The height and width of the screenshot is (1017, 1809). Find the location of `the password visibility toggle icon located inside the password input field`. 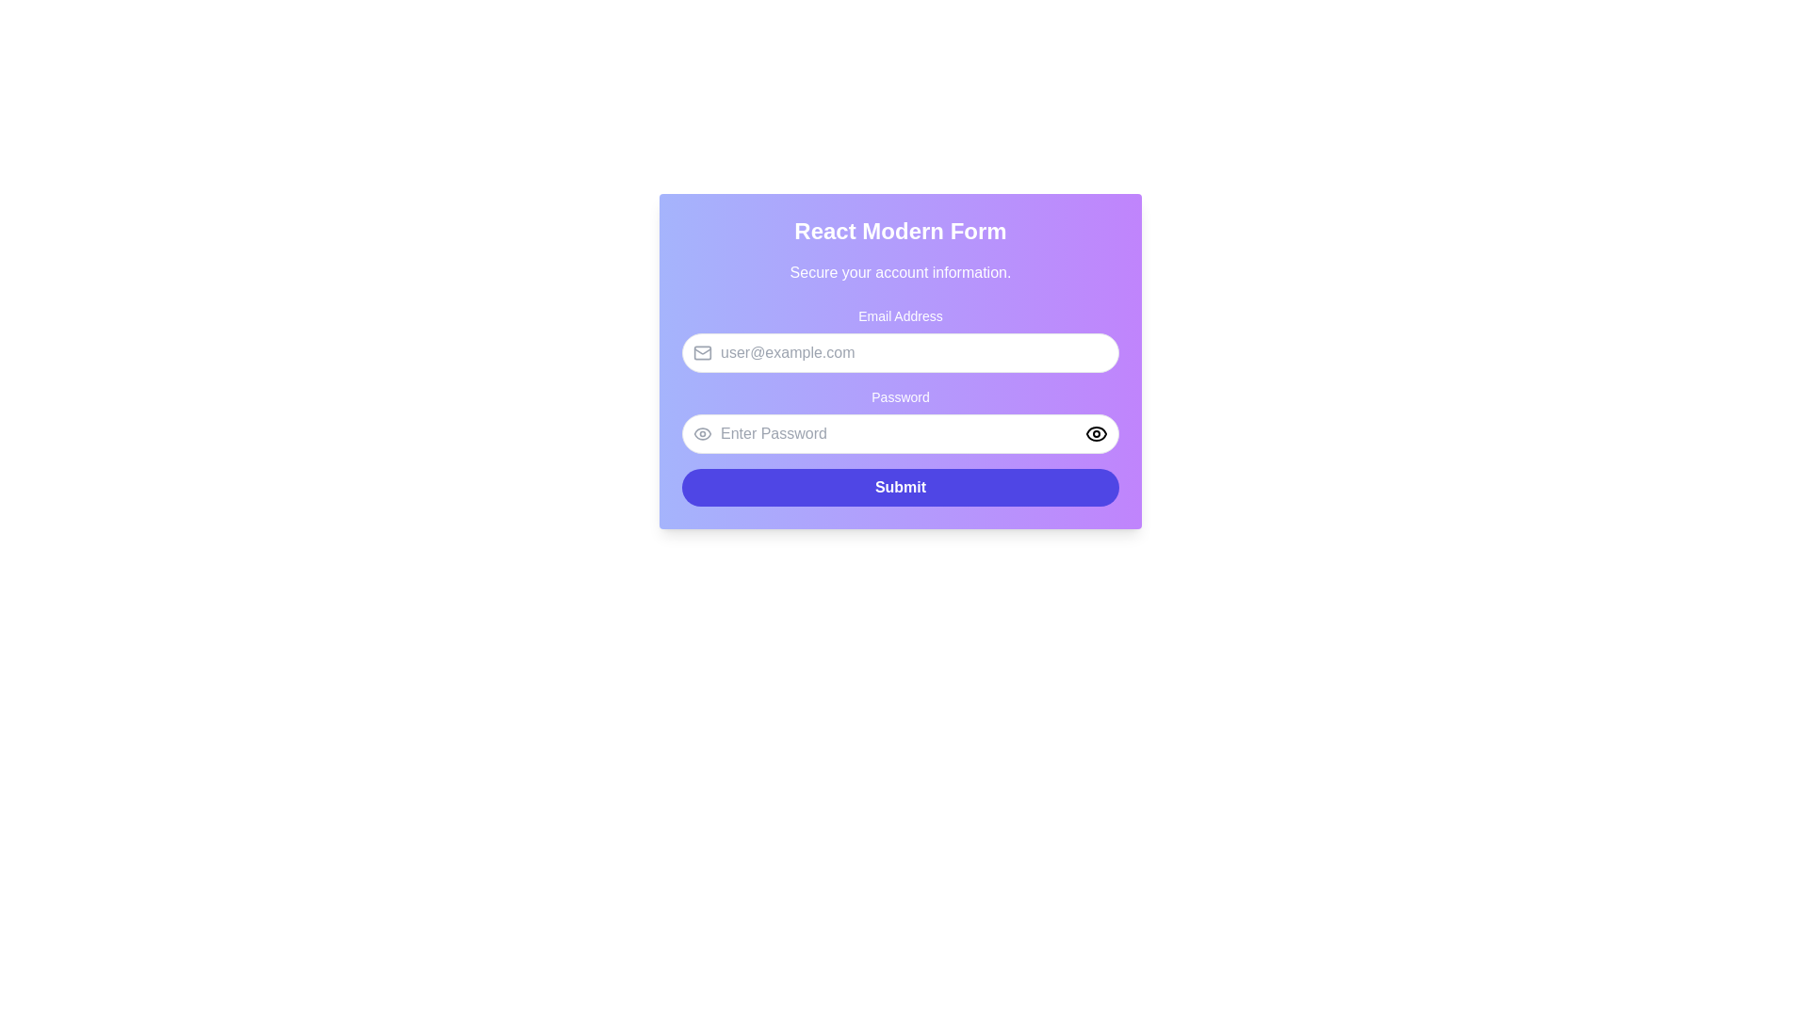

the password visibility toggle icon located inside the password input field is located at coordinates (701, 434).